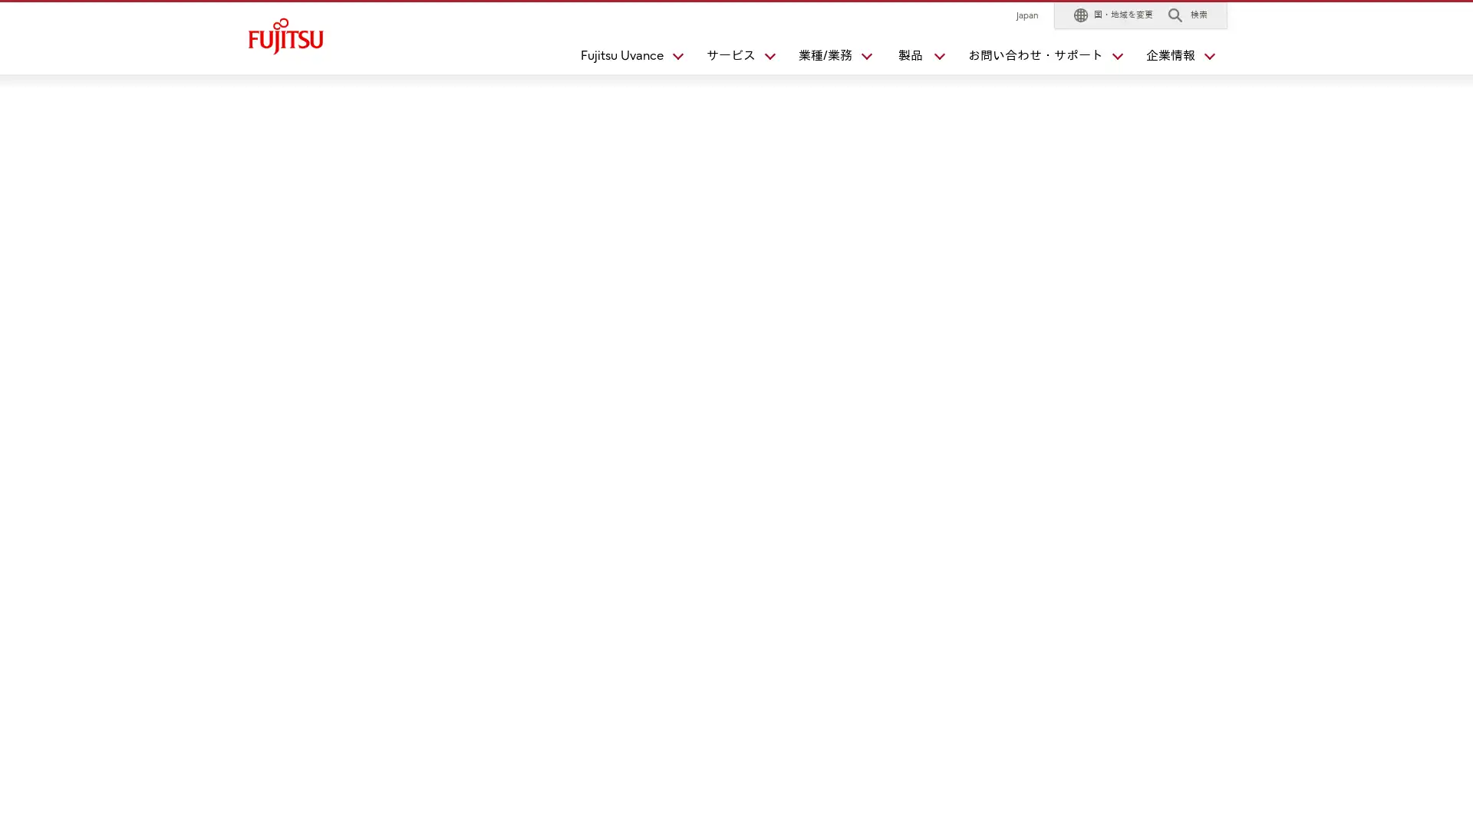 The height and width of the screenshot is (828, 1473). What do you see at coordinates (625, 58) in the screenshot?
I see `Fujitsu Uvance` at bounding box center [625, 58].